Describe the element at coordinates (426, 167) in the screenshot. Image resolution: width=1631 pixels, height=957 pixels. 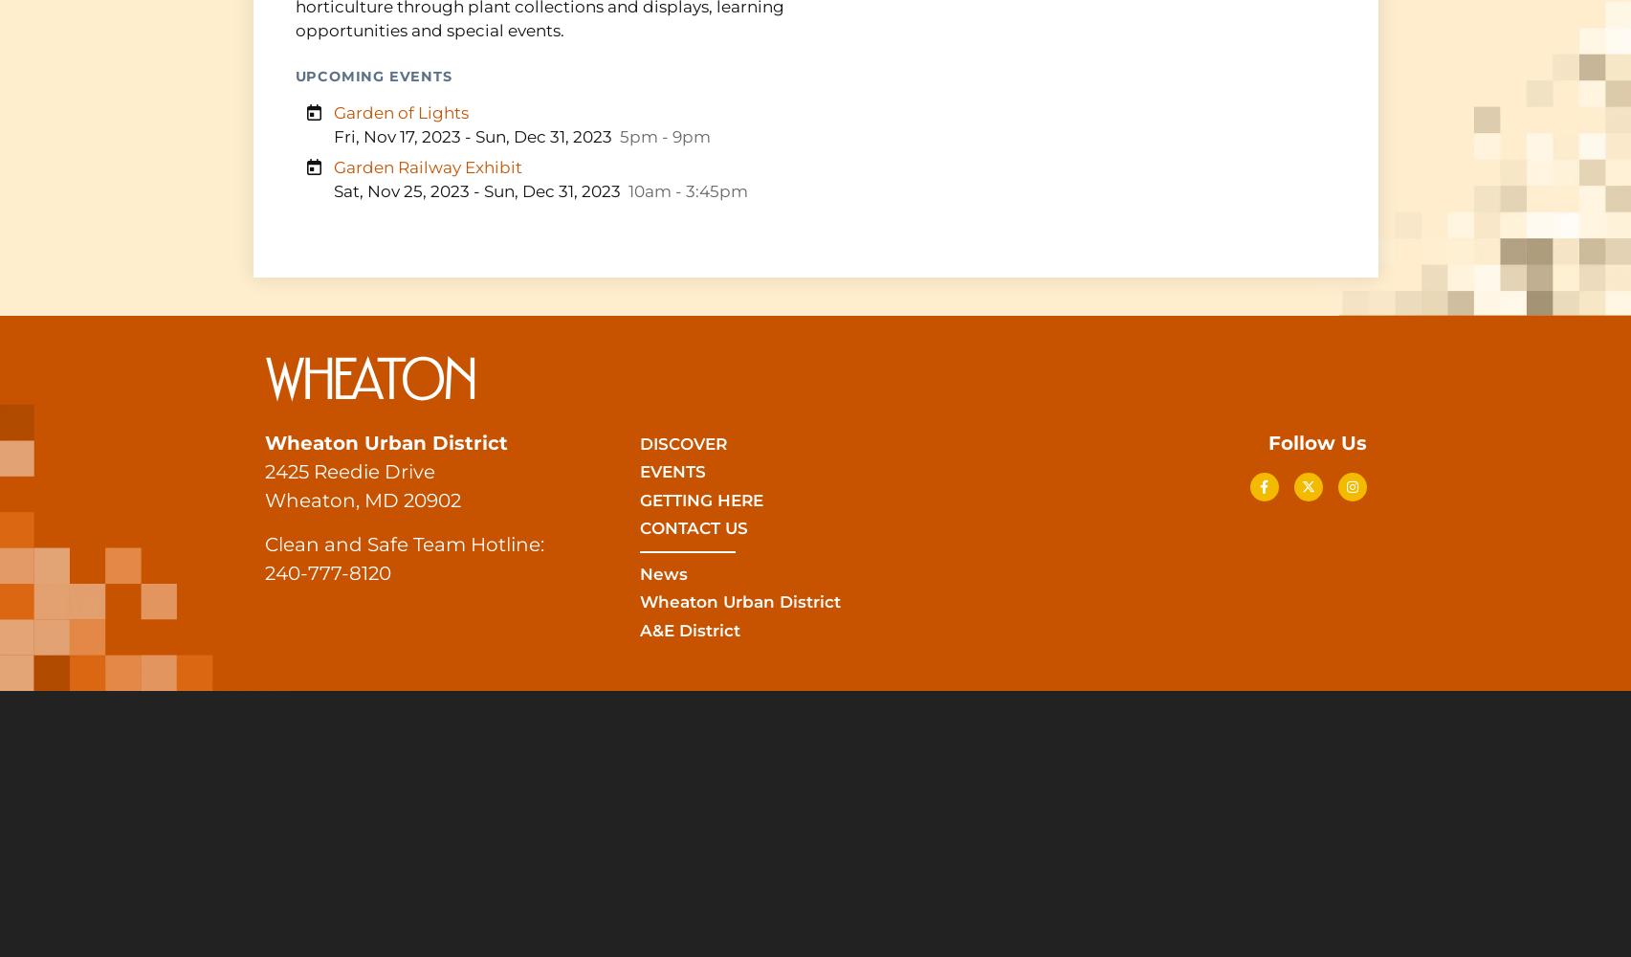
I see `'Garden Railway Exhibit'` at that location.